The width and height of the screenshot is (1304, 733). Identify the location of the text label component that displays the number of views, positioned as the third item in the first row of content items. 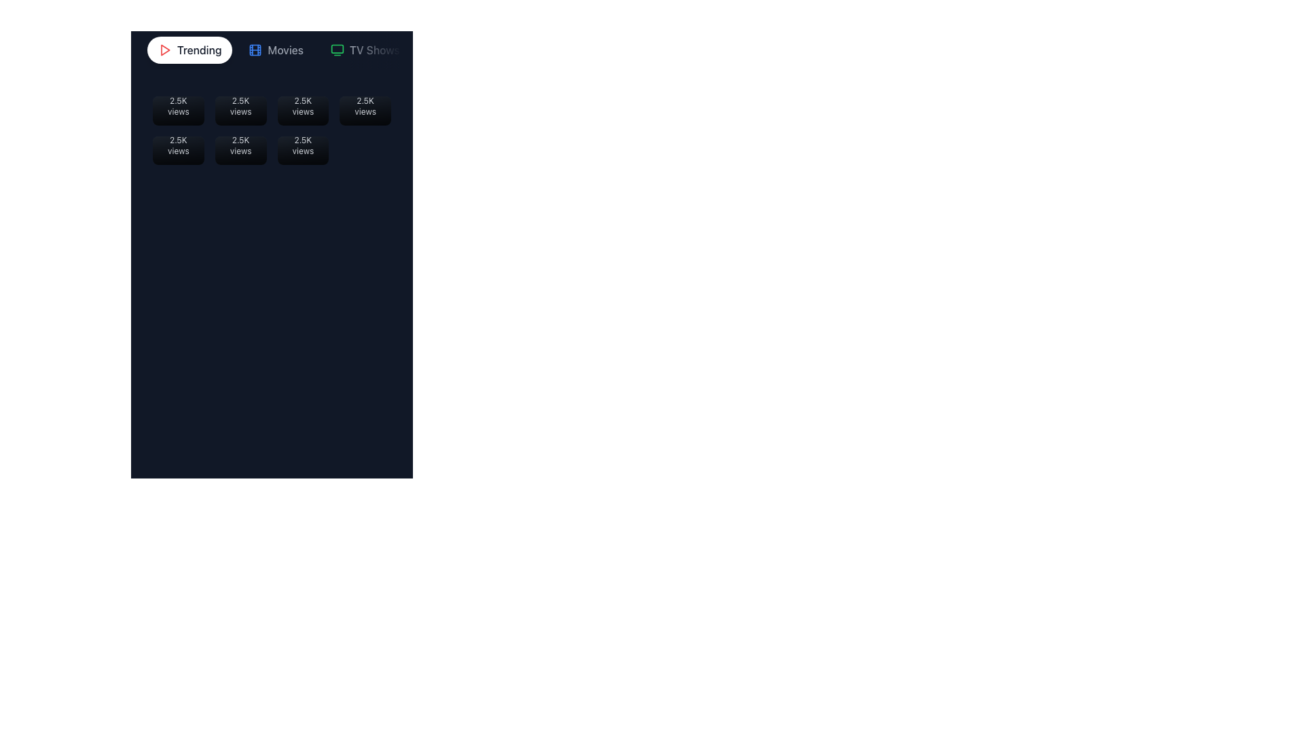
(302, 110).